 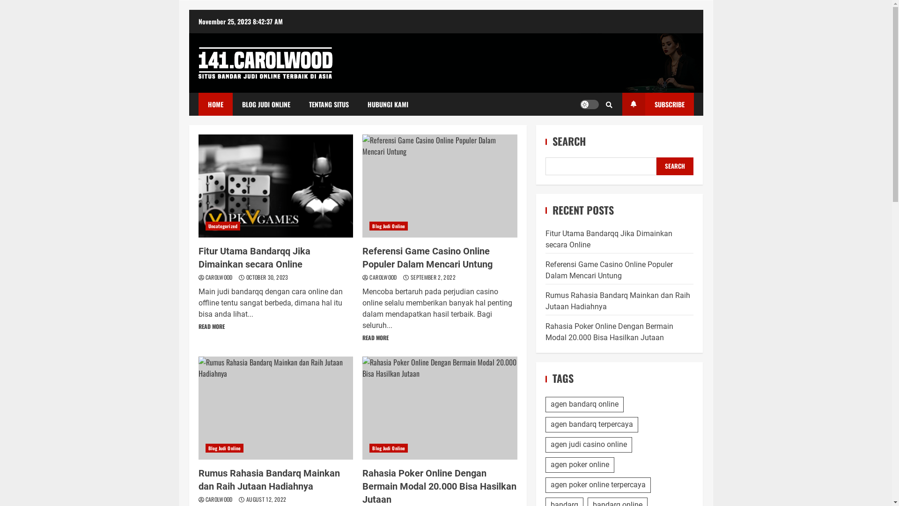 What do you see at coordinates (588, 444) in the screenshot?
I see `'agen judi casino online'` at bounding box center [588, 444].